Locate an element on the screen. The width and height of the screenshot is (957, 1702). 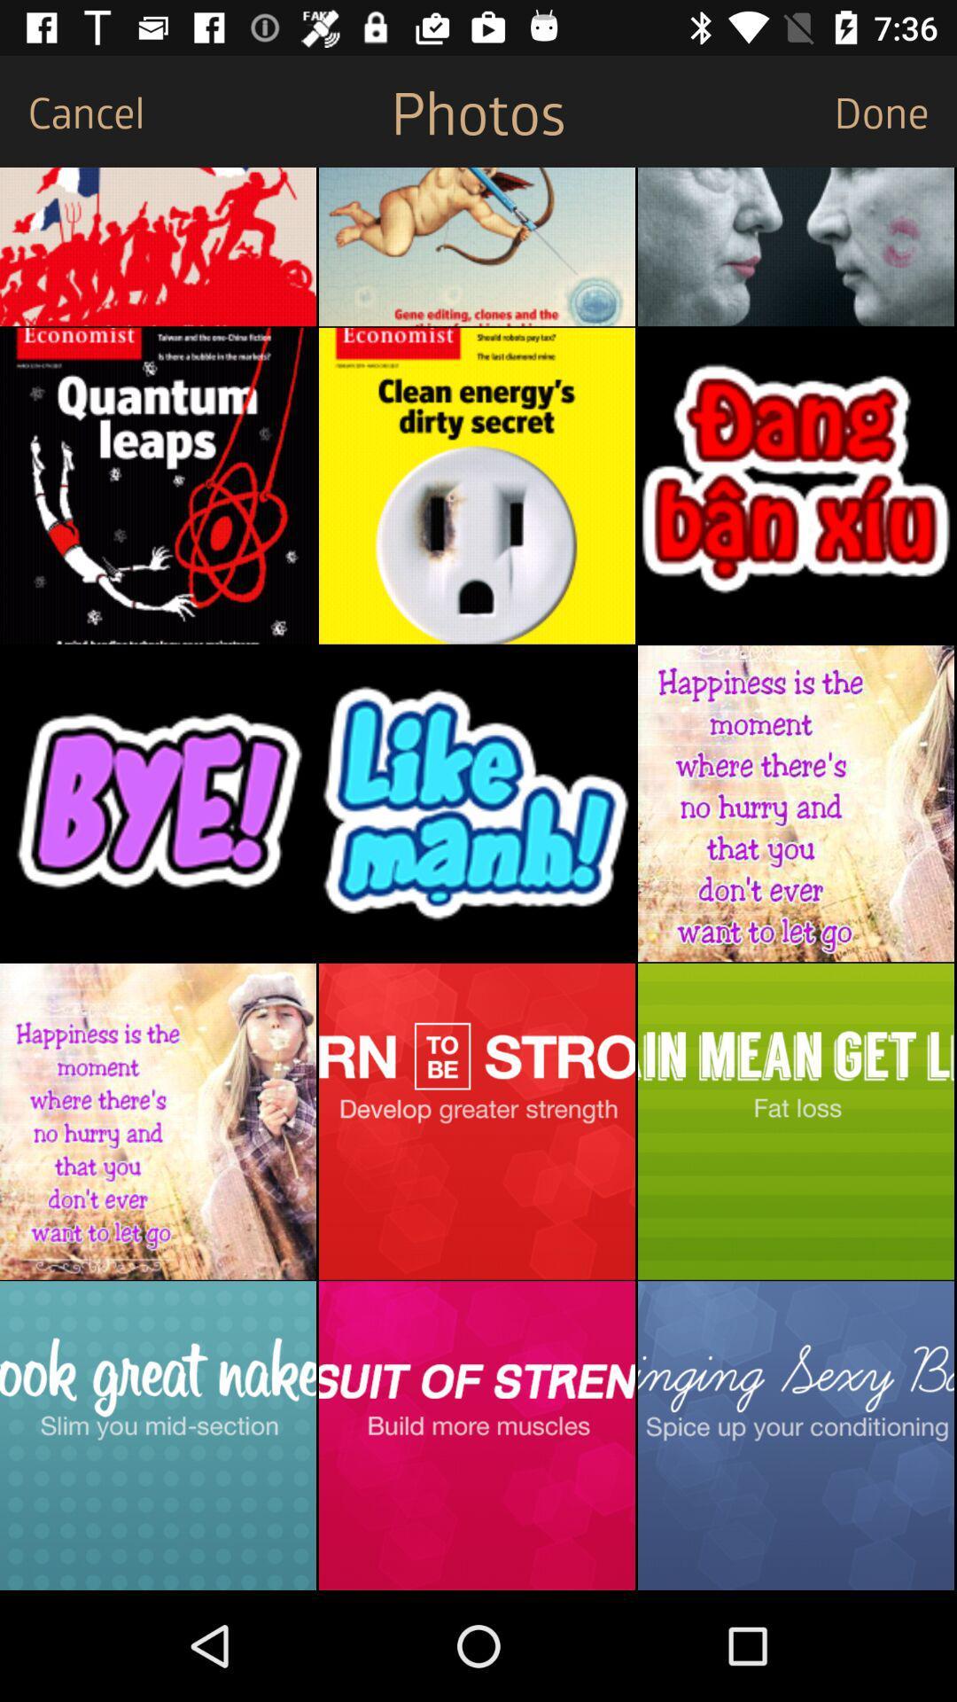
click image is located at coordinates (795, 246).